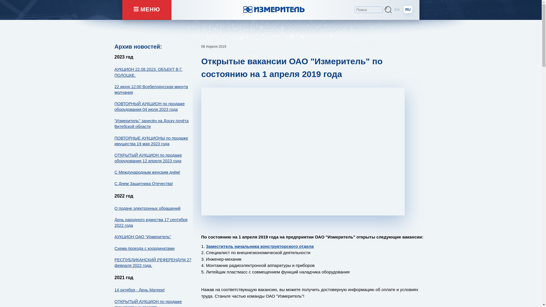 Image resolution: width=546 pixels, height=307 pixels. Describe the element at coordinates (408, 9) in the screenshot. I see `'RU'` at that location.